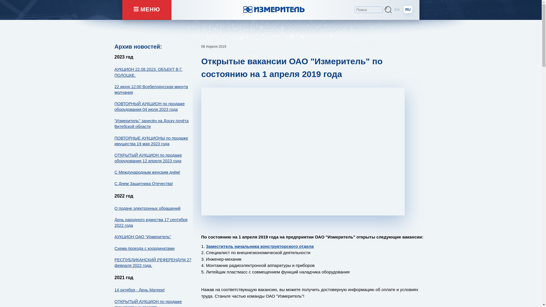 Image resolution: width=546 pixels, height=307 pixels. Describe the element at coordinates (408, 9) in the screenshot. I see `'RU'` at that location.